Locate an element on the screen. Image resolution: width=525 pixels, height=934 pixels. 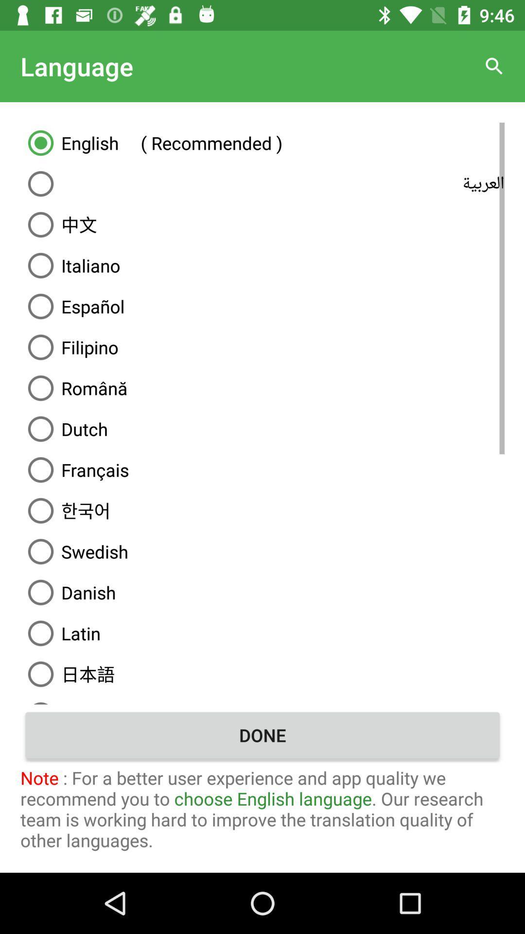
the italiano icon is located at coordinates (262, 266).